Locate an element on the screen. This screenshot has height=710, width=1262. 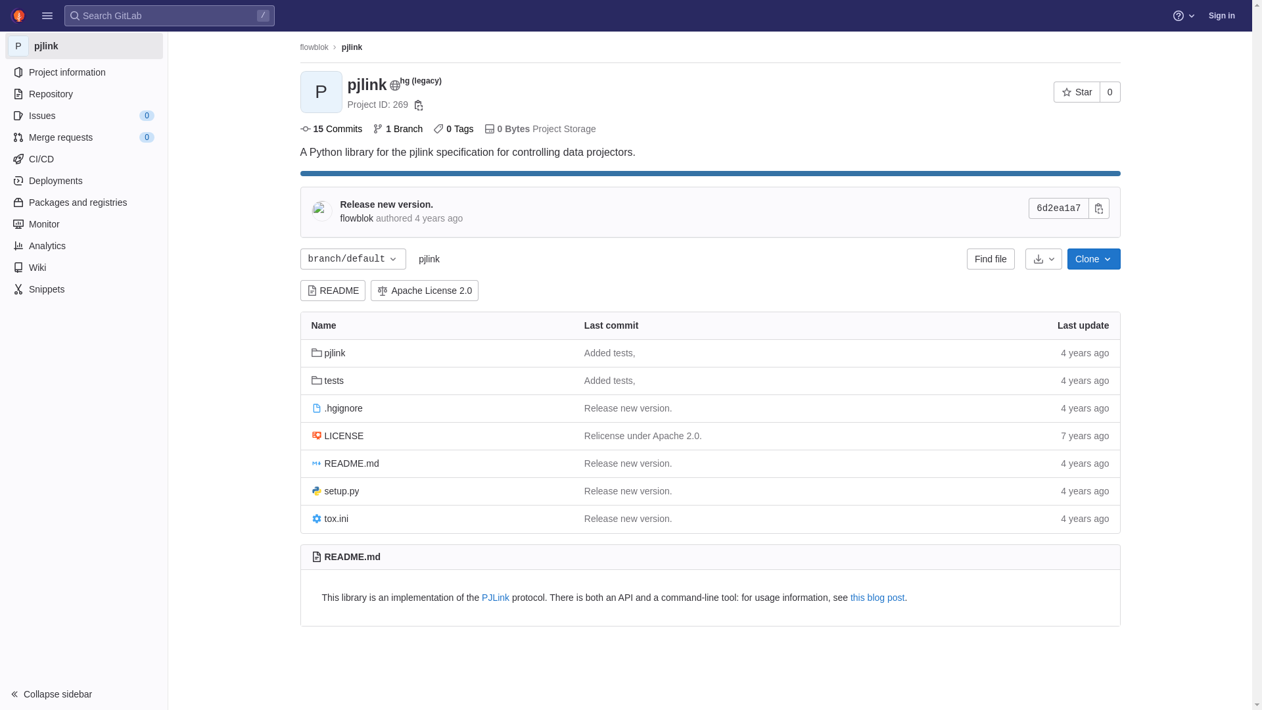
'Sign in' is located at coordinates (1221, 15).